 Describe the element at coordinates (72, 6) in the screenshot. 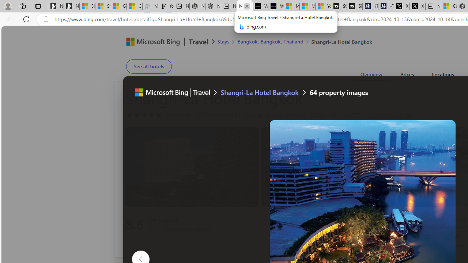

I see `'Newsletter Sign Up'` at that location.